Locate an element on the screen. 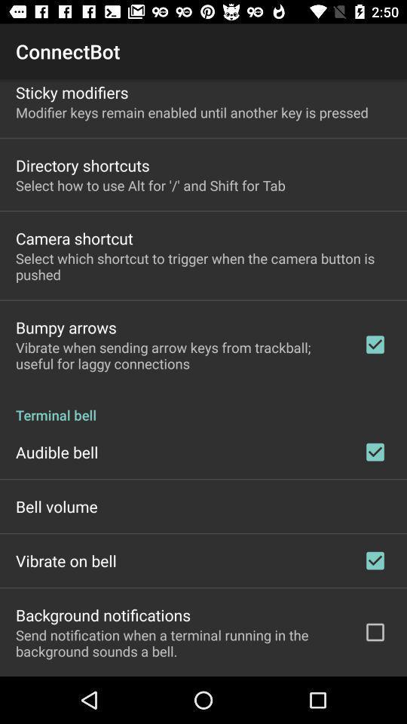 This screenshot has height=724, width=407. send notification when item is located at coordinates (179, 642).